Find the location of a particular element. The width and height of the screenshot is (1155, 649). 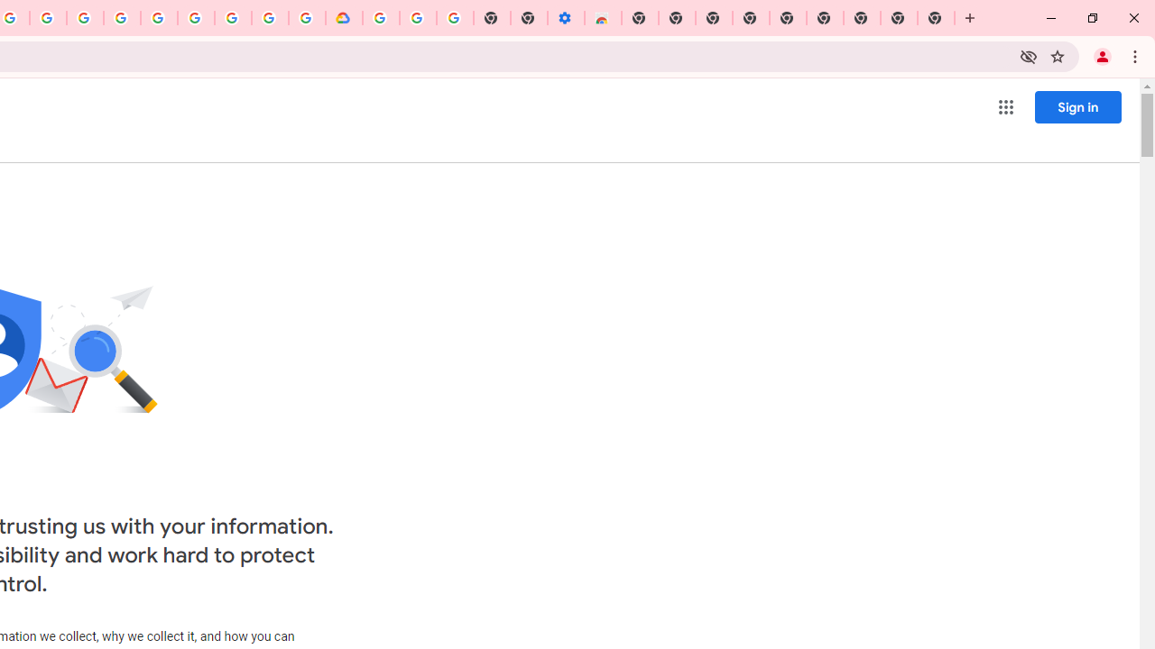

'Chrome Web Store - Accessibility extensions' is located at coordinates (603, 18).